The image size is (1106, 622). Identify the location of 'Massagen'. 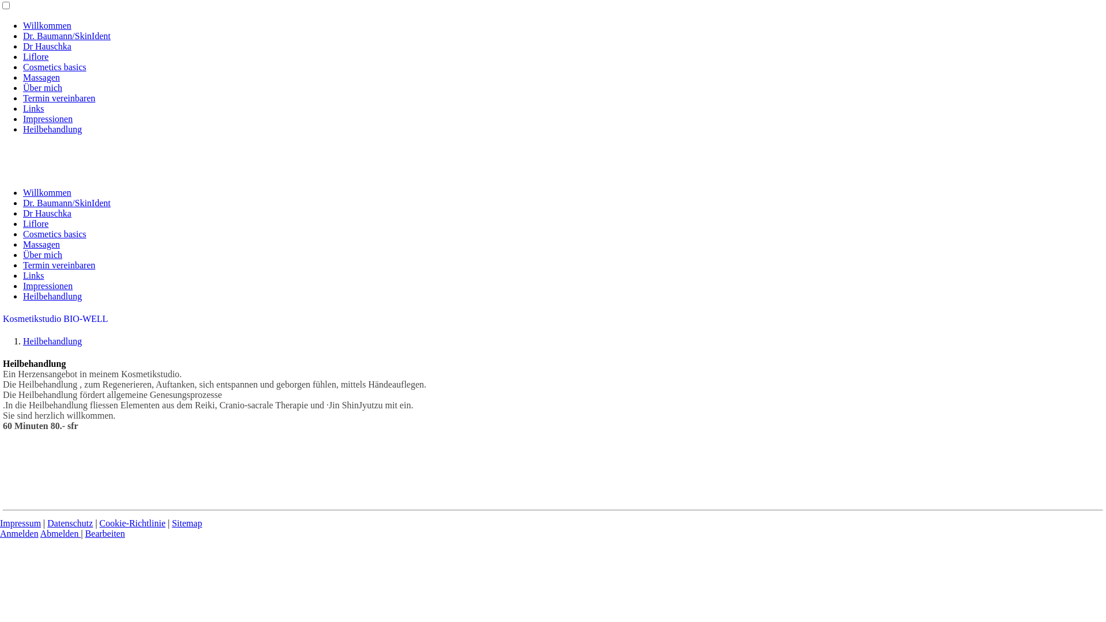
(41, 244).